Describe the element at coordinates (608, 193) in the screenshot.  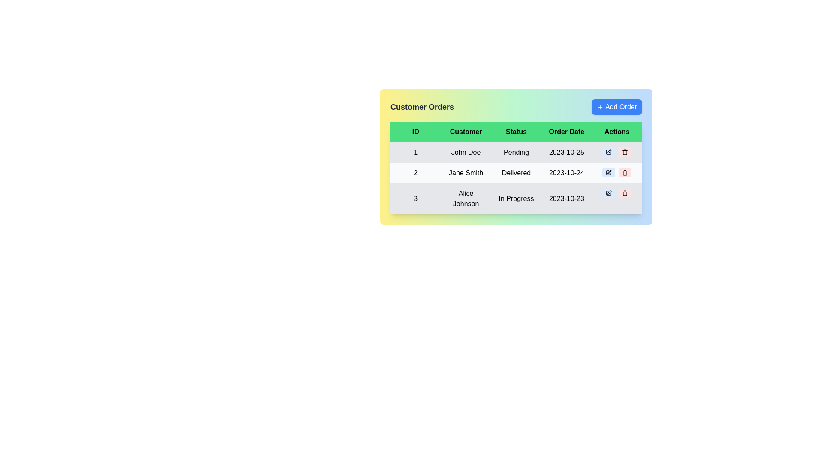
I see `the button in the 'Actions' column of Alice Johnson's order in the 'Customer Orders' table` at that location.